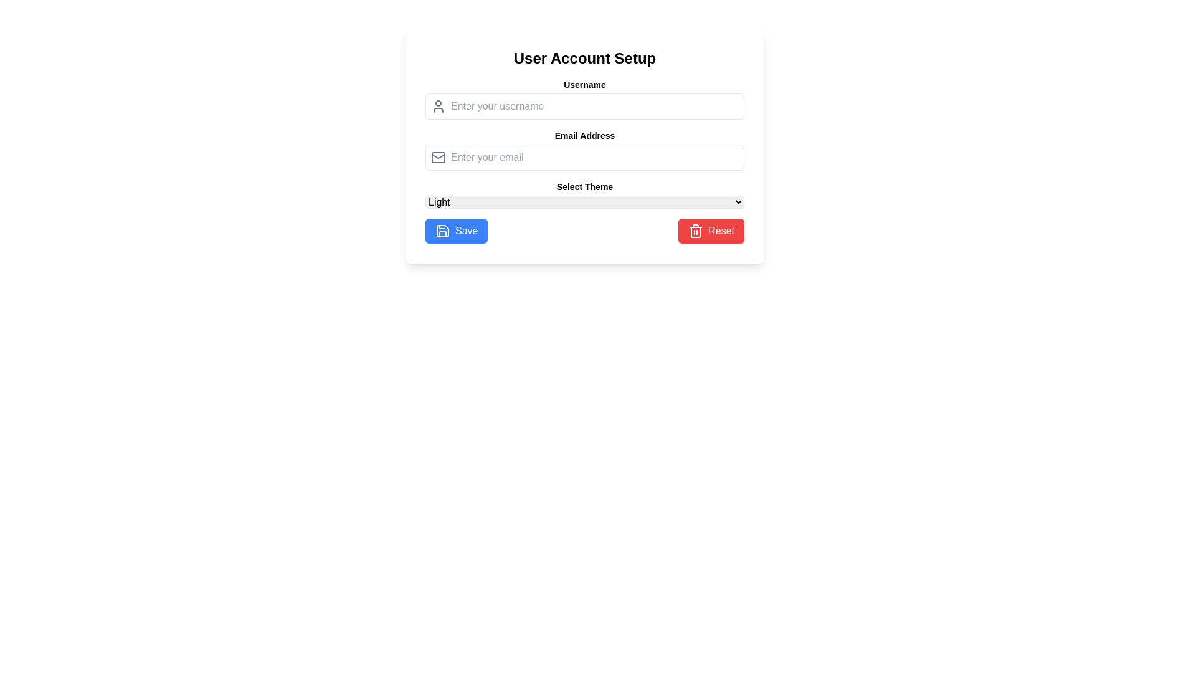 This screenshot has height=673, width=1196. Describe the element at coordinates (584, 194) in the screenshot. I see `the theme selection dropdown menu located below the 'Email Address' entry field` at that location.